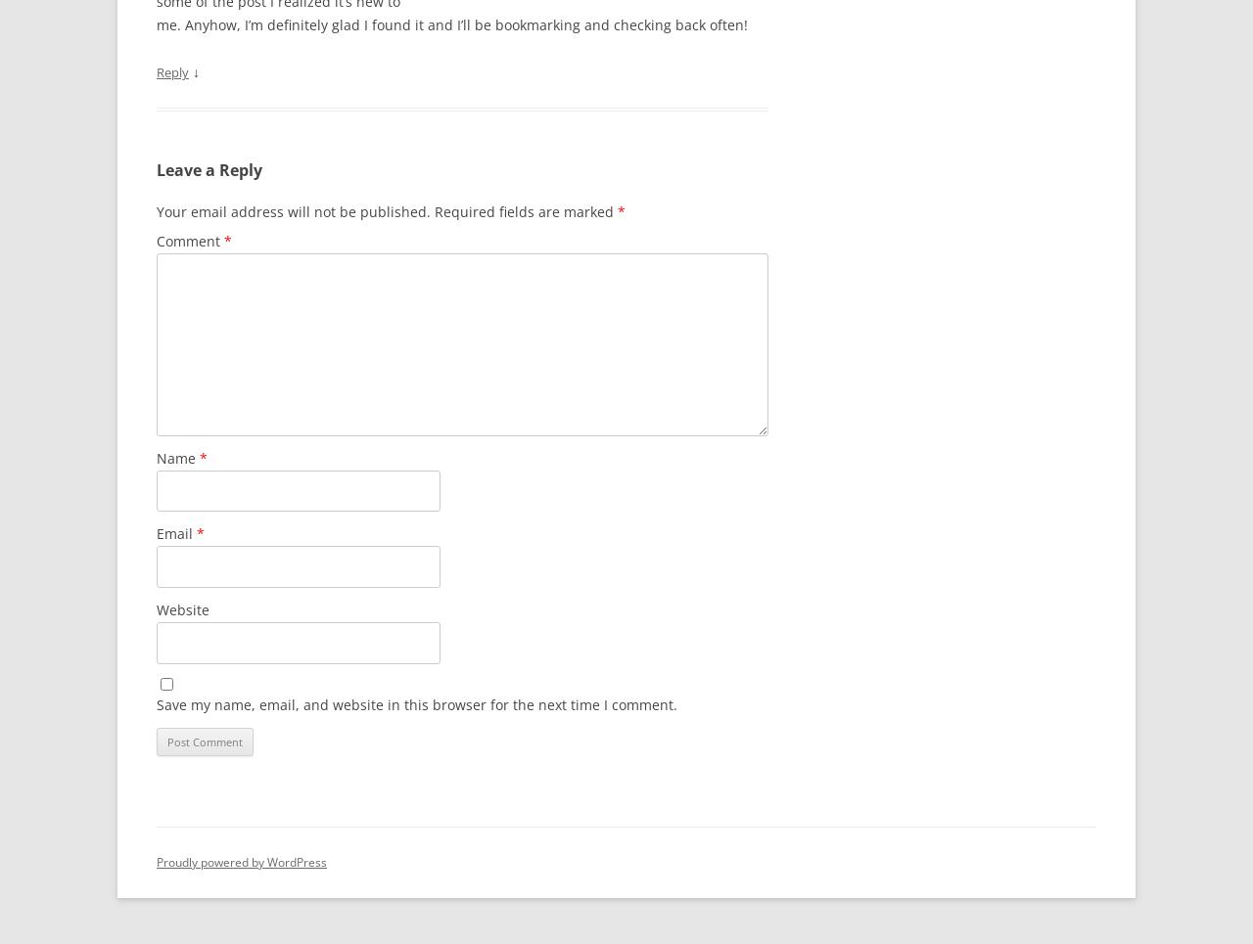 The width and height of the screenshot is (1253, 944). What do you see at coordinates (178, 456) in the screenshot?
I see `'Name'` at bounding box center [178, 456].